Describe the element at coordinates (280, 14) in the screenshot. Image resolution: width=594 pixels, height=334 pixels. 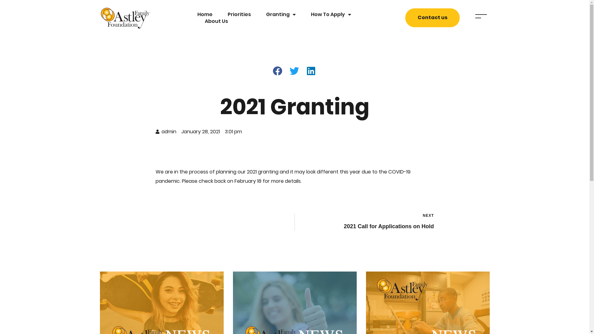
I see `'Granting'` at that location.